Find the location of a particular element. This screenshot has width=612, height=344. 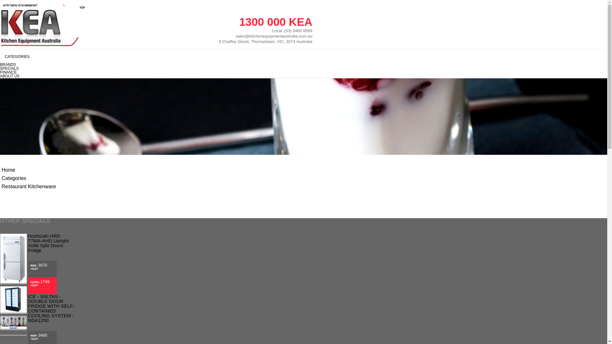

'SPECIALS' is located at coordinates (35, 254).